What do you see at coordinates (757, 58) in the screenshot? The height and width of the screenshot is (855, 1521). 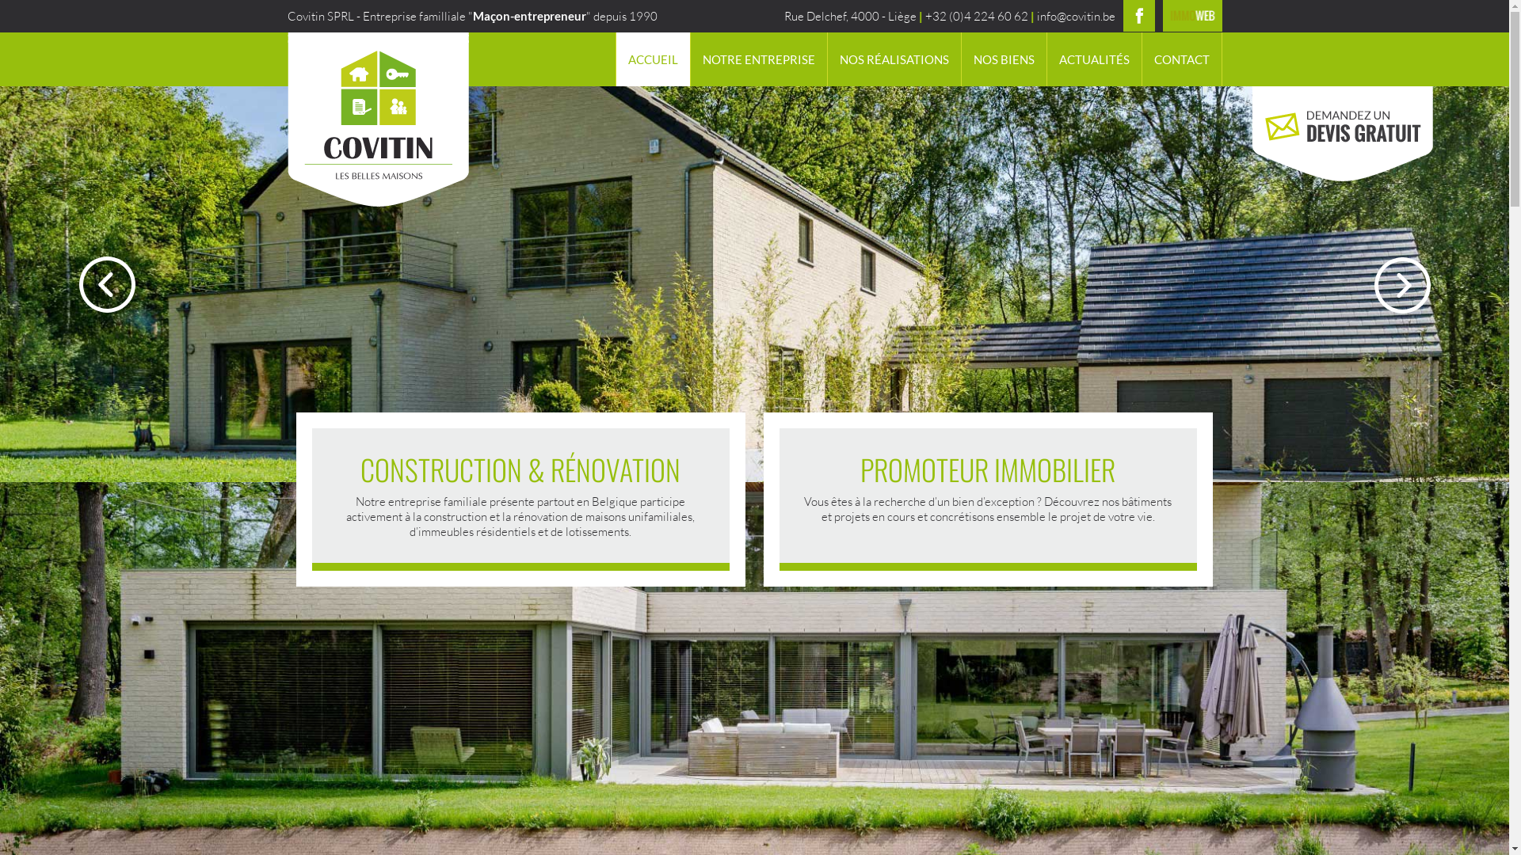 I see `'NOTRE ENTREPRISE'` at bounding box center [757, 58].